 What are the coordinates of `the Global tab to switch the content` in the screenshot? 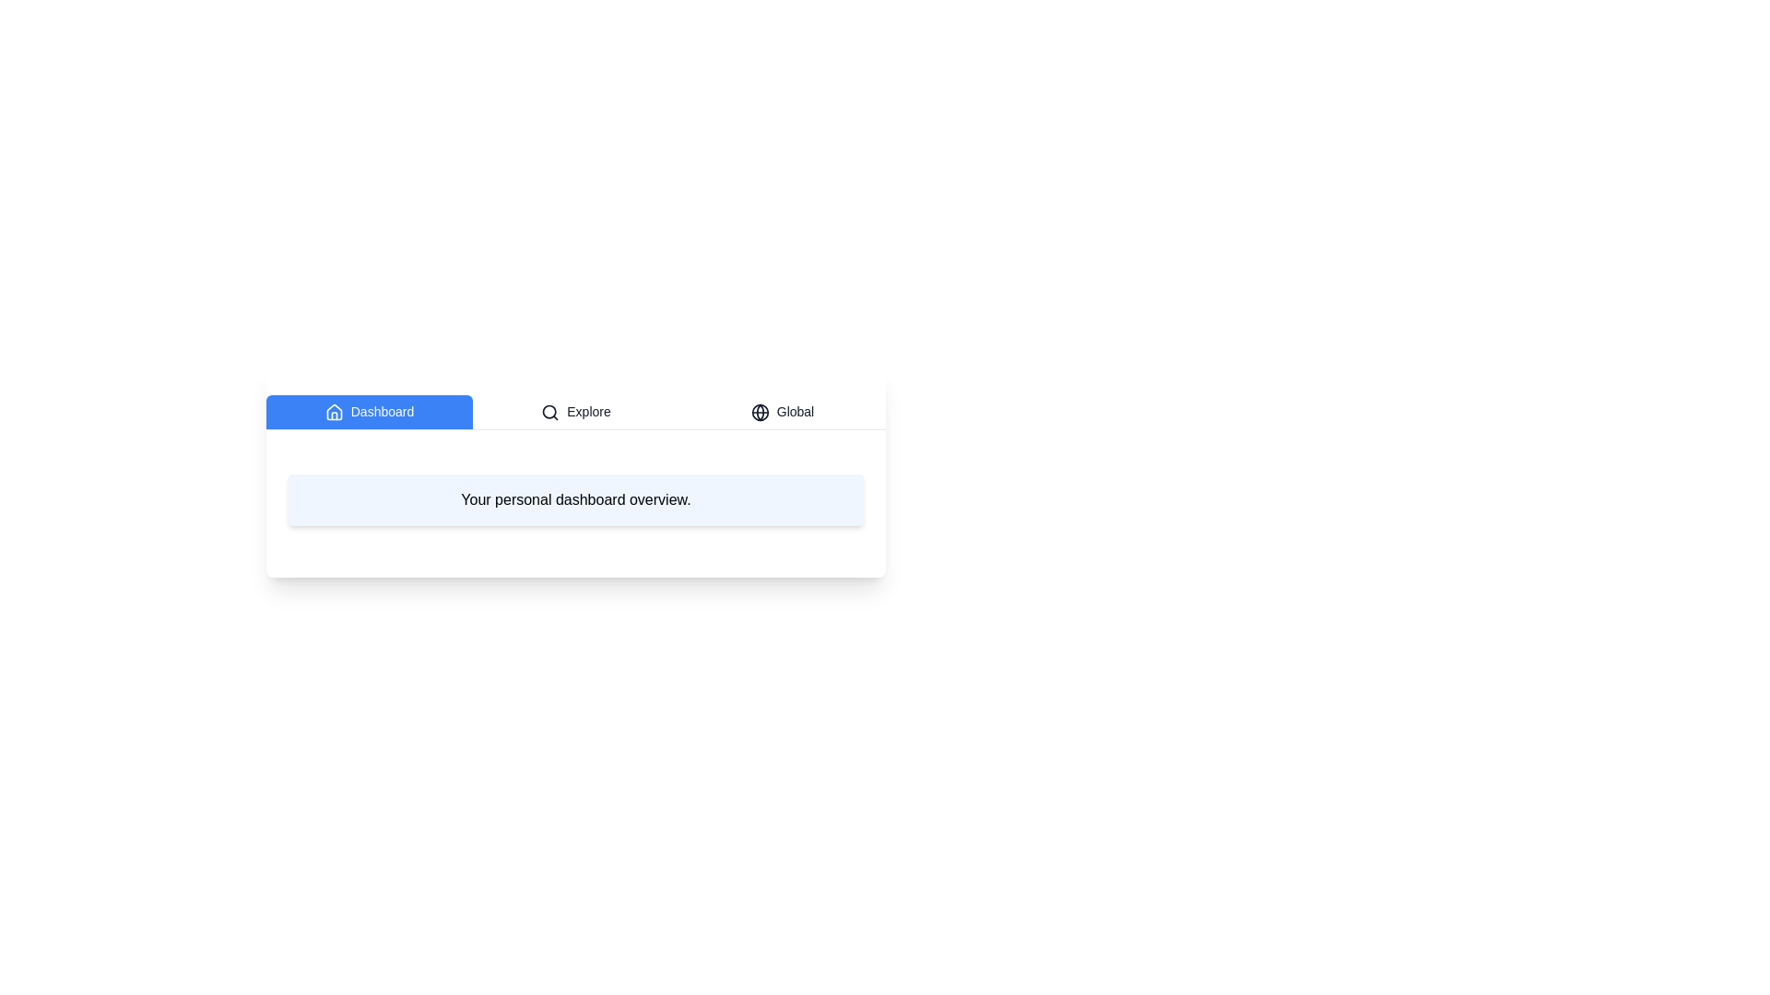 It's located at (783, 411).